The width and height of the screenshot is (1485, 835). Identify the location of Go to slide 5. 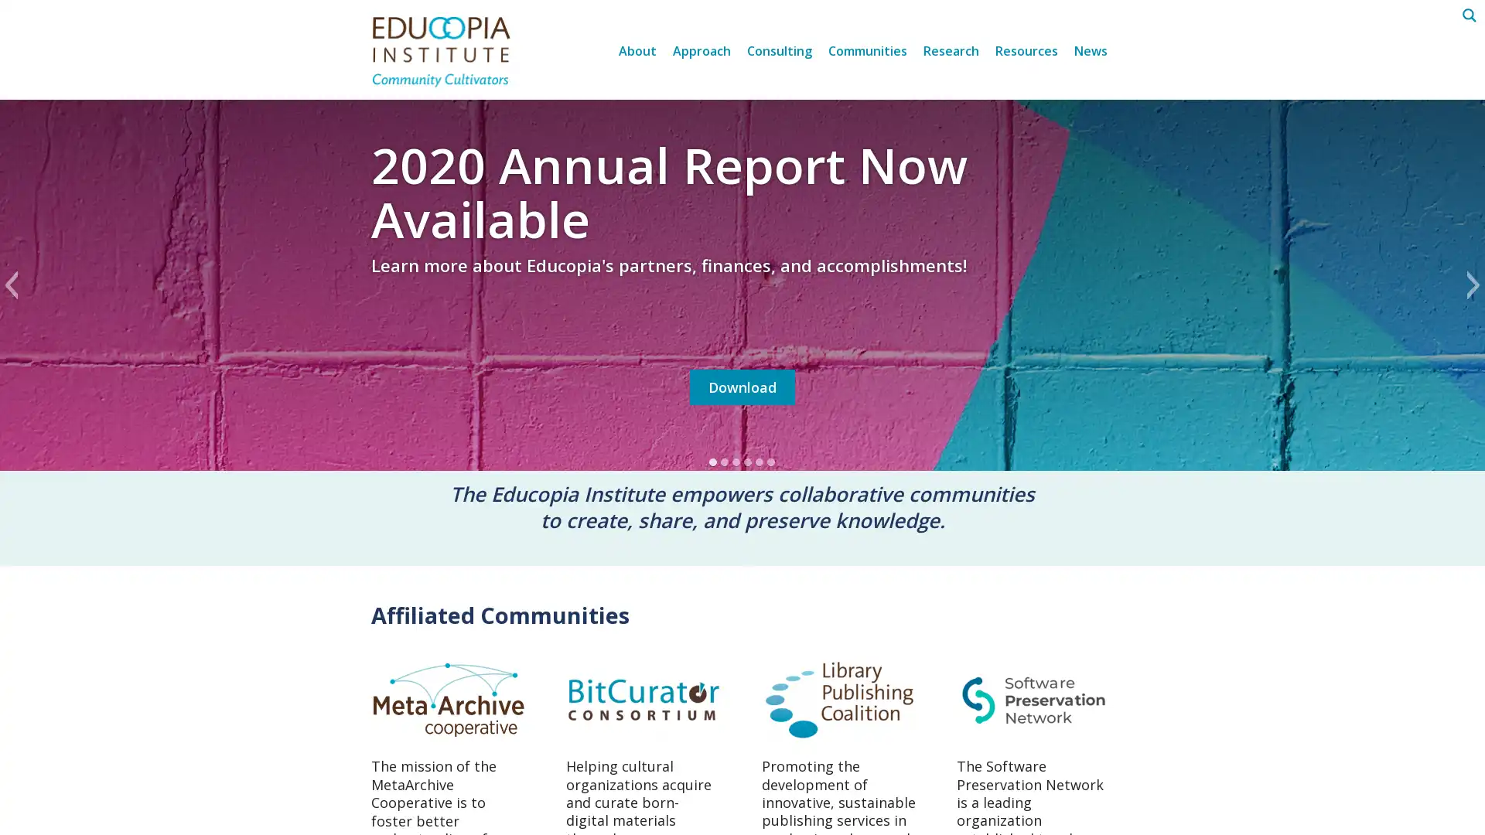
(760, 462).